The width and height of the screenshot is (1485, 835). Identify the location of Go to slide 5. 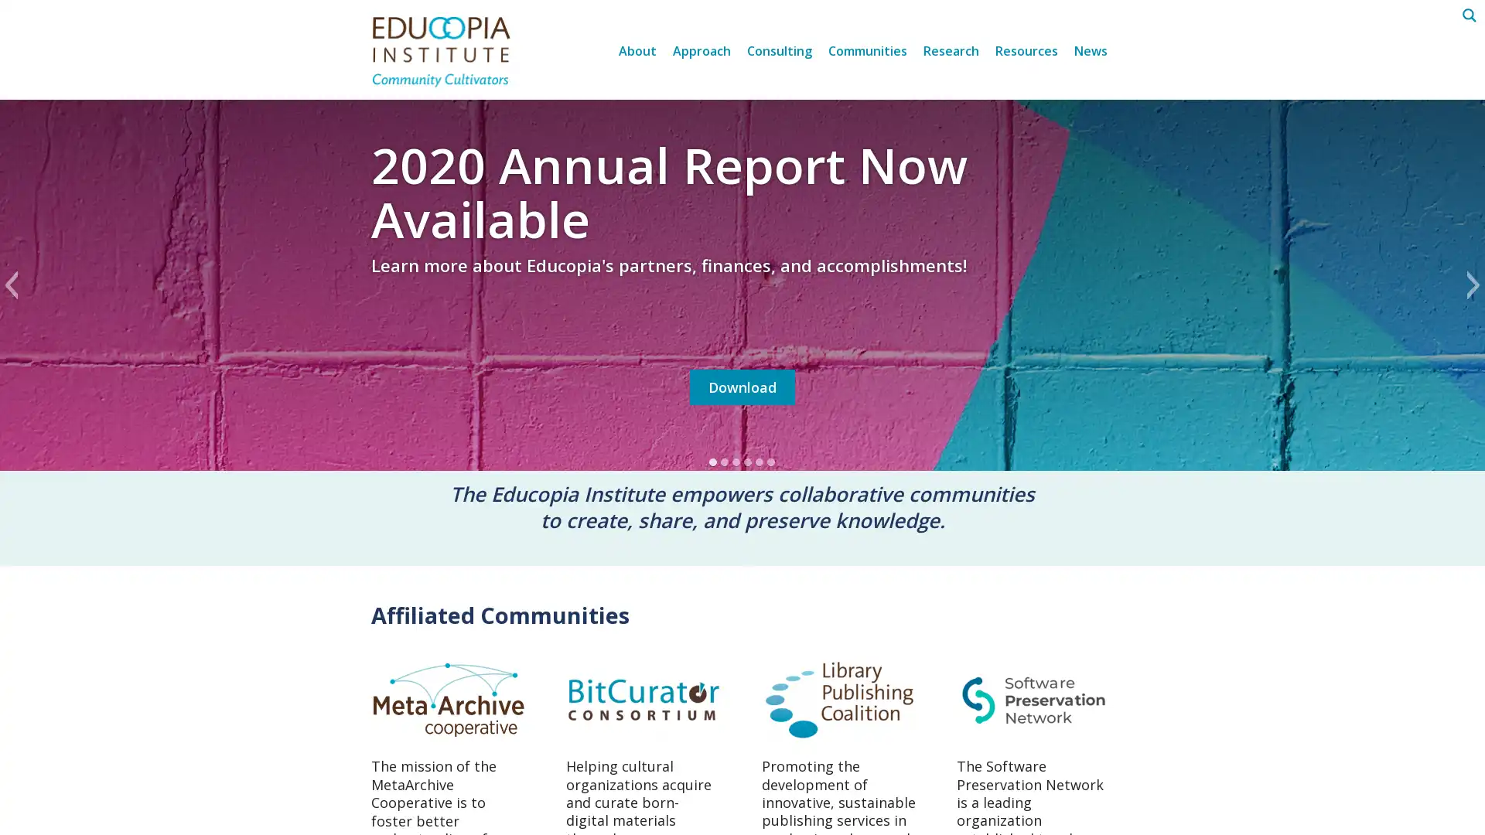
(760, 462).